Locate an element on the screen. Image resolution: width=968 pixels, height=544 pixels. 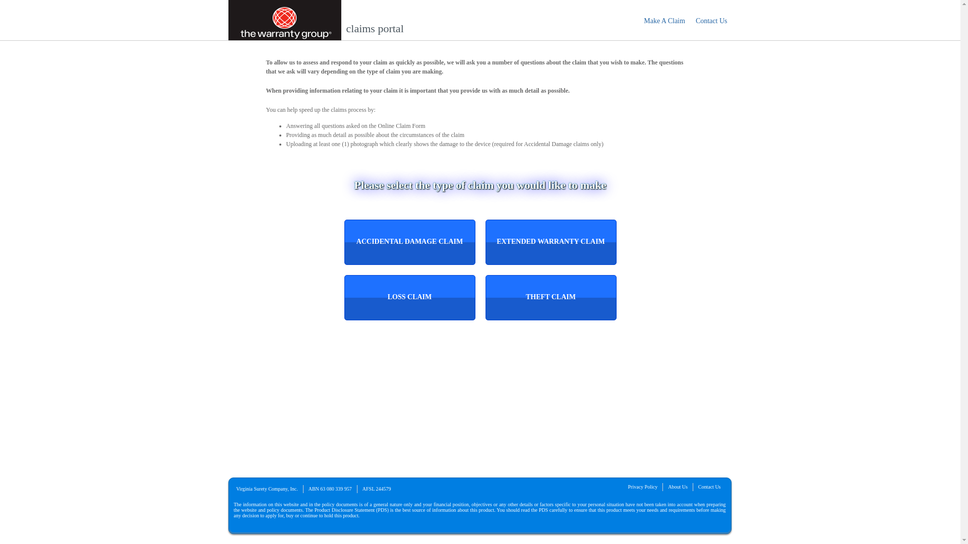
'Extended Warranty Claim' is located at coordinates (550, 242).